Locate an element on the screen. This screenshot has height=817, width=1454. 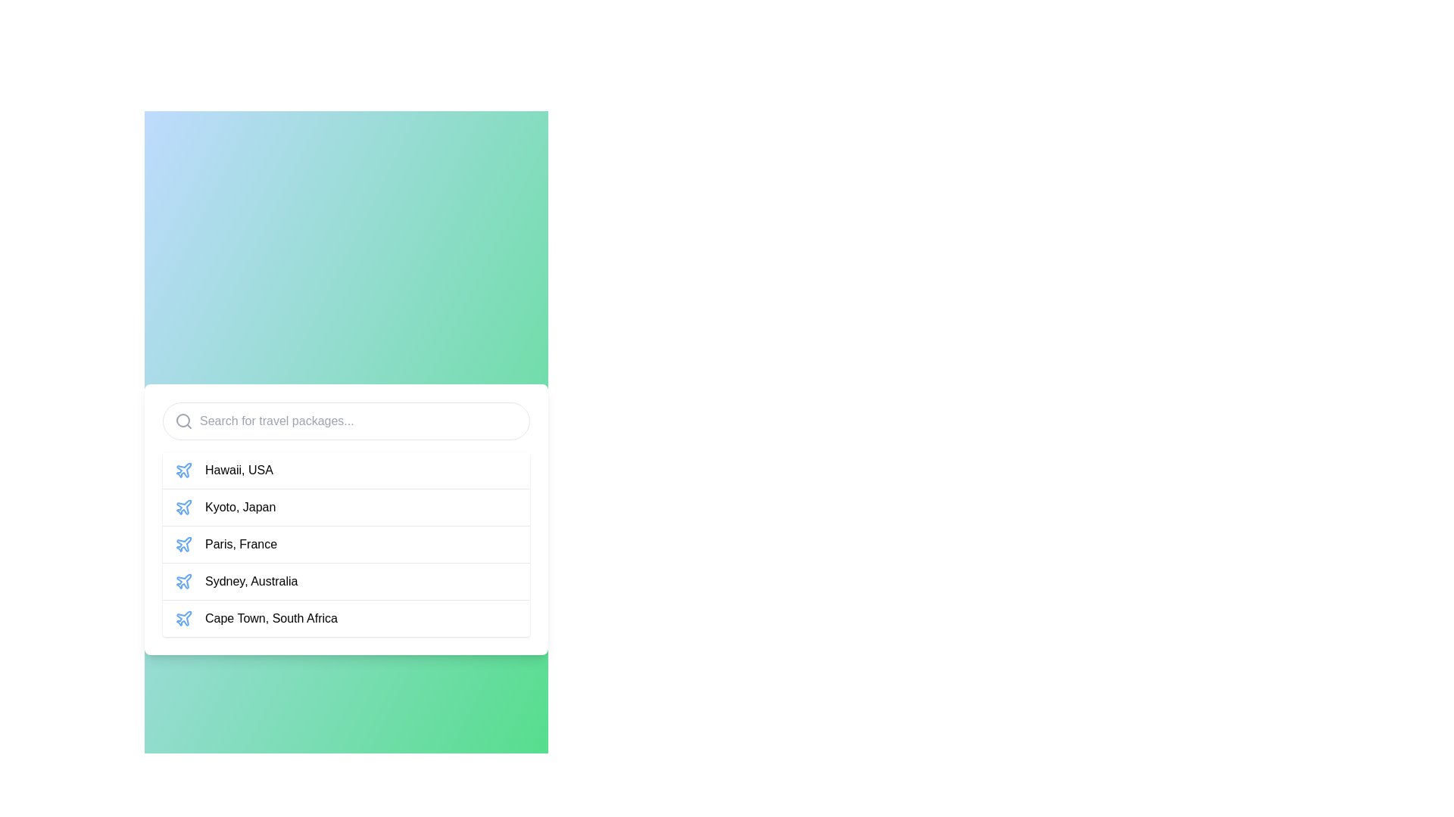
the blue airplane icon associated with 'Sydney, Australia' in the fourth position of the vertical list is located at coordinates (183, 580).